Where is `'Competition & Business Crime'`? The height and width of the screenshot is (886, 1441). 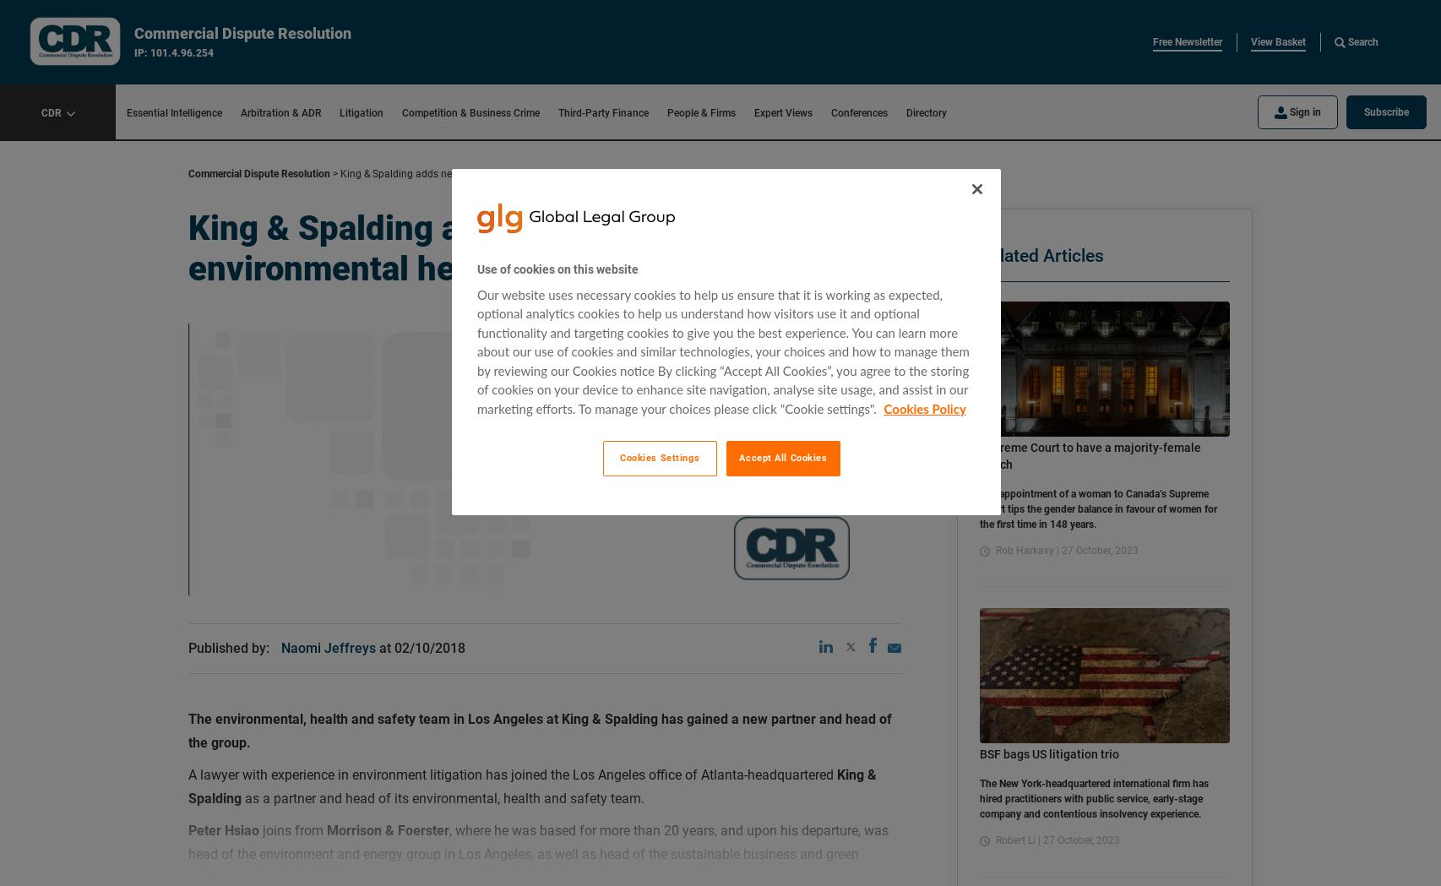
'Competition & Business Crime' is located at coordinates (470, 112).